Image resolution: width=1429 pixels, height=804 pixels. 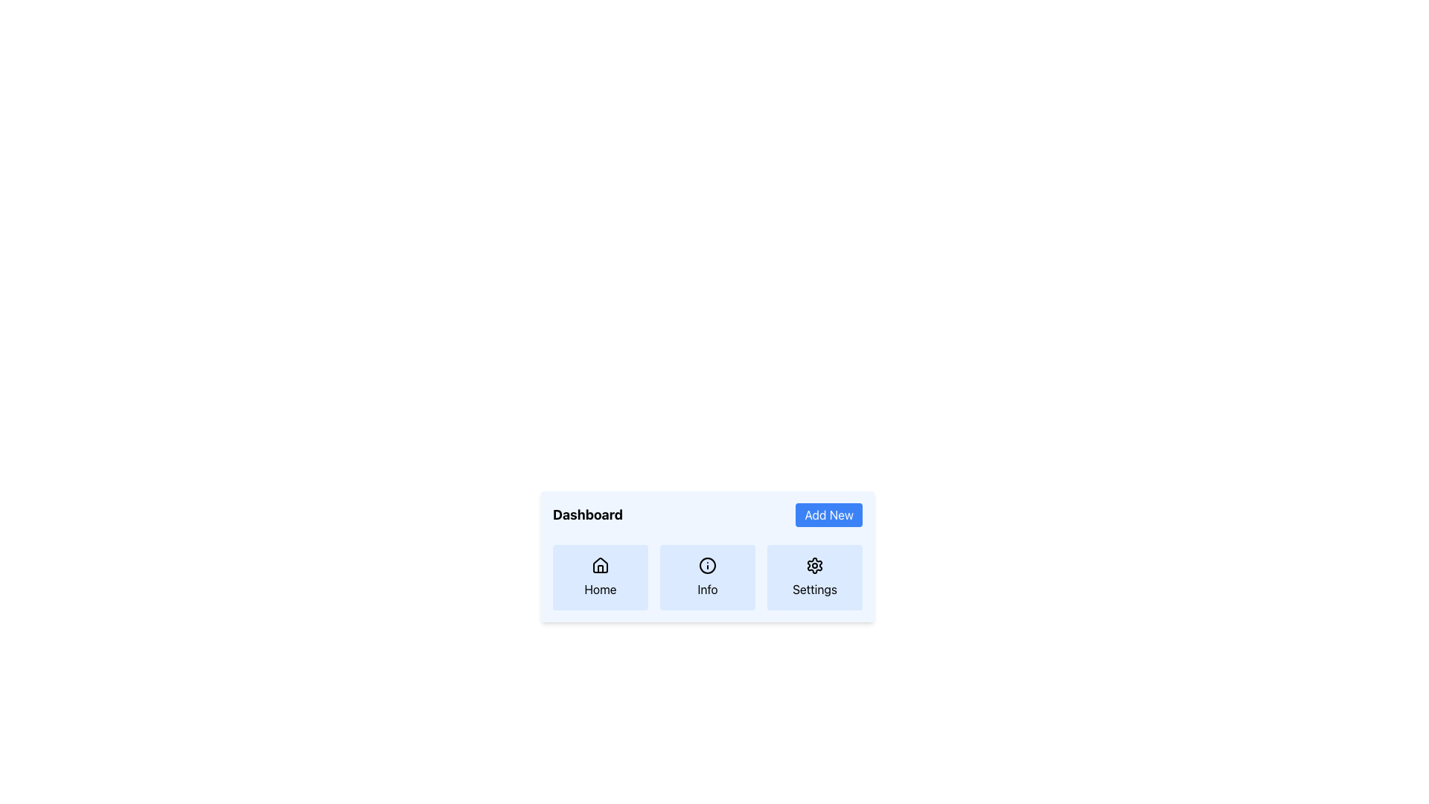 I want to click on the 'Info' tile in the navigation menu, so click(x=706, y=557).